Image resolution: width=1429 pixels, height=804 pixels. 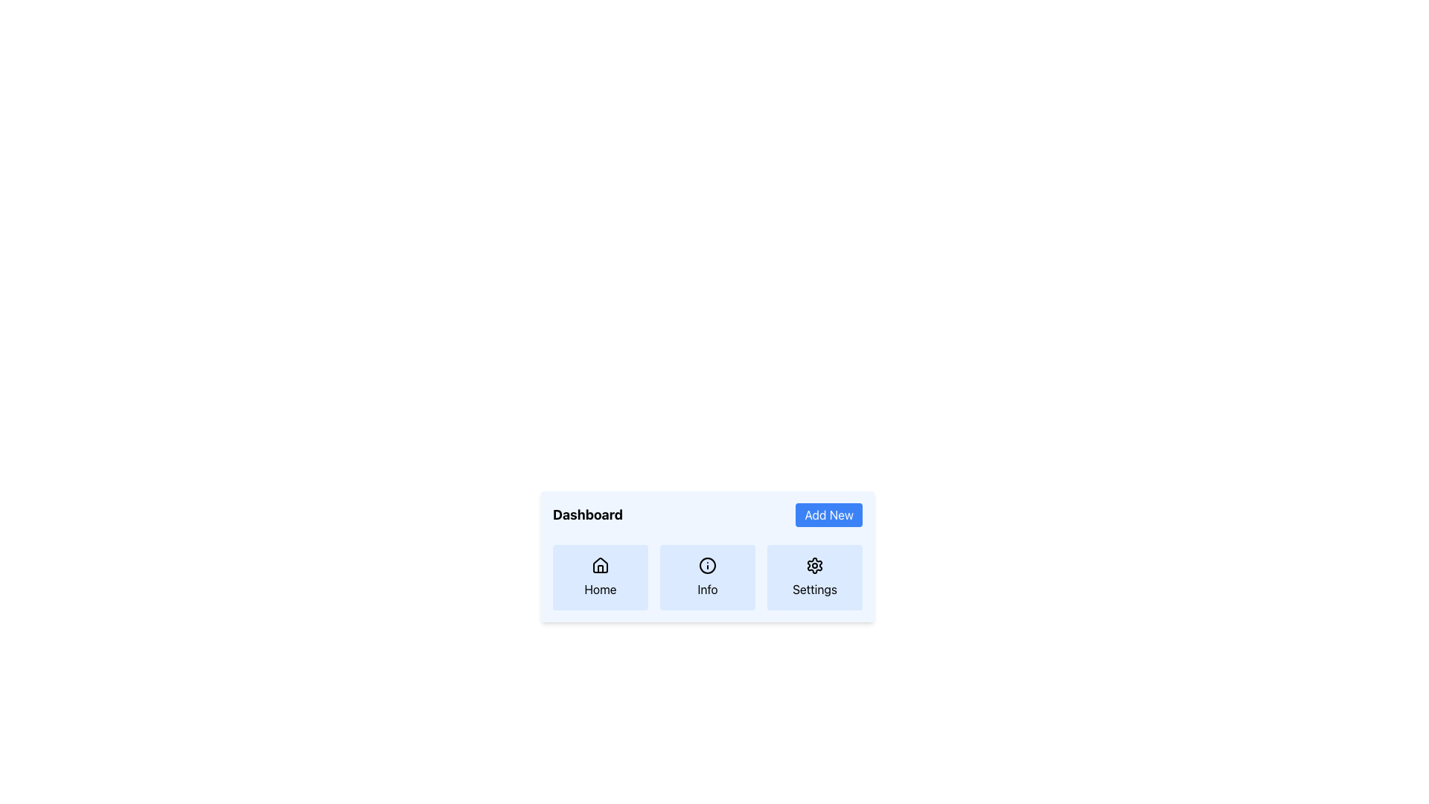 I want to click on the 'Info' tile in the navigation menu, so click(x=706, y=557).